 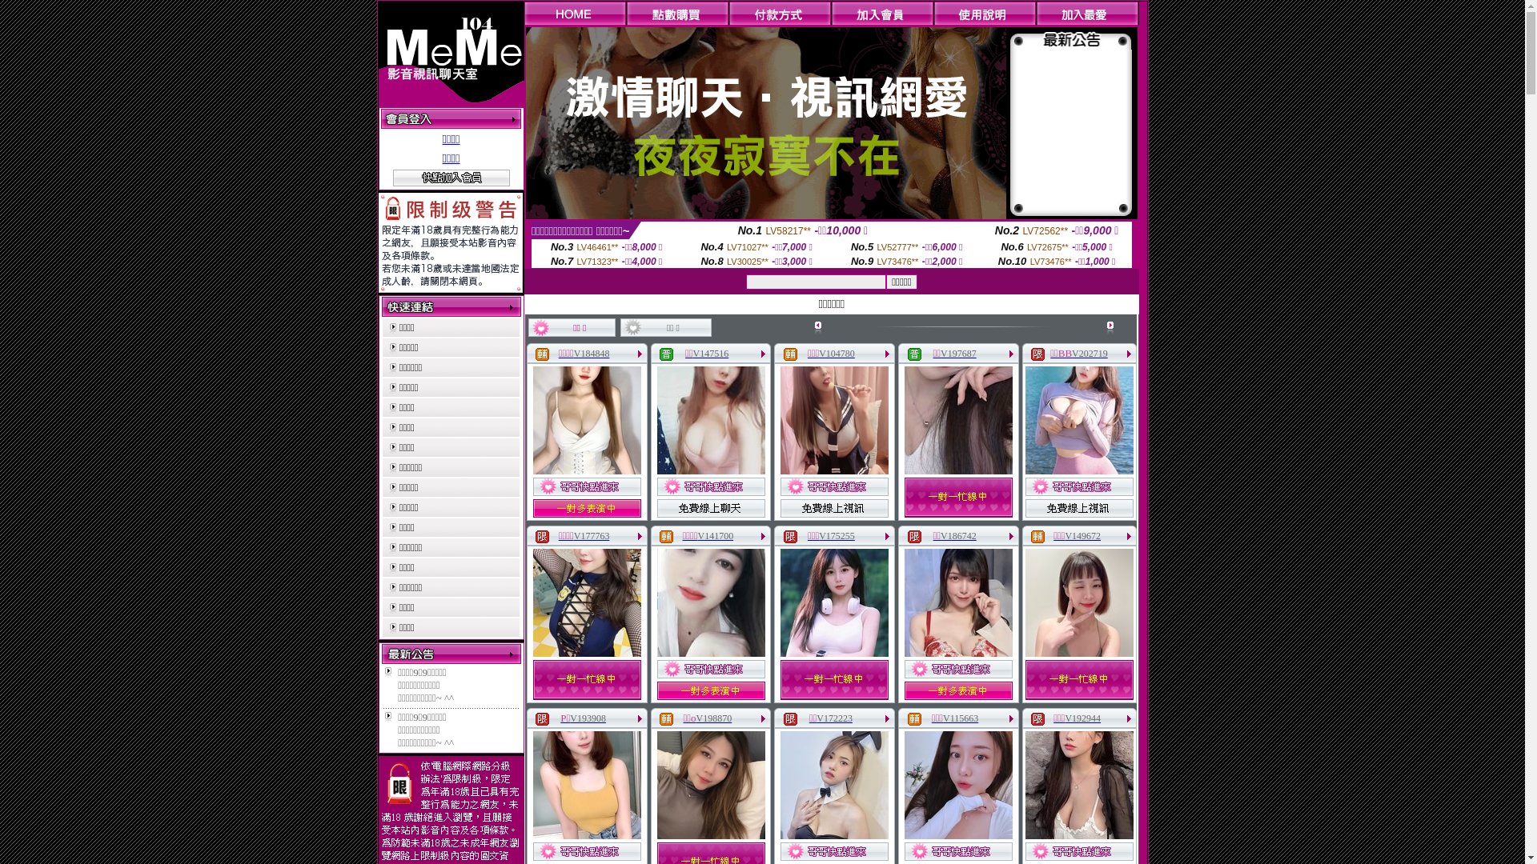 I want to click on 'V115663', so click(x=961, y=718).